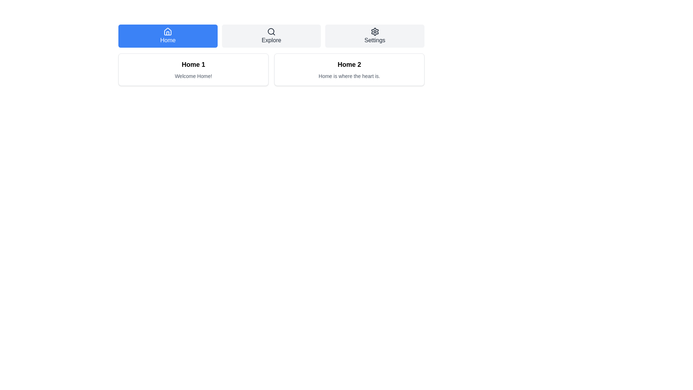 The height and width of the screenshot is (390, 693). I want to click on the 'Home' navigation button, which is the first item in the horizontal menu, so click(167, 36).